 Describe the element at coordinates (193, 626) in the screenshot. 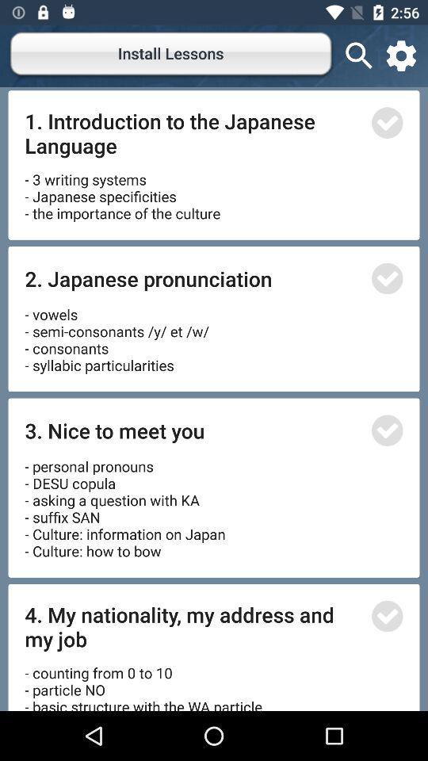

I see `item above the counting from 0` at that location.